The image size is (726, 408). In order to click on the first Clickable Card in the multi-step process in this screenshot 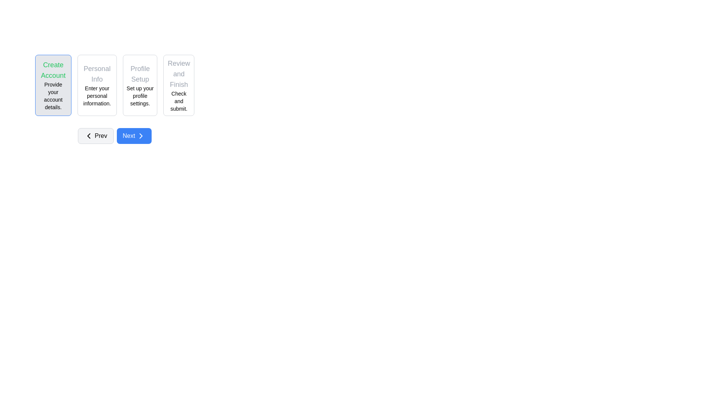, I will do `click(53, 85)`.